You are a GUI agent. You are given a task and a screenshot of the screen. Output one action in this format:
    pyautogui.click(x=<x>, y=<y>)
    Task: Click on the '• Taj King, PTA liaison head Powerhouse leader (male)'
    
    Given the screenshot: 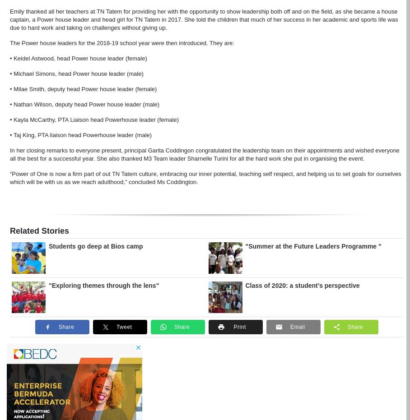 What is the action you would take?
    pyautogui.click(x=80, y=134)
    